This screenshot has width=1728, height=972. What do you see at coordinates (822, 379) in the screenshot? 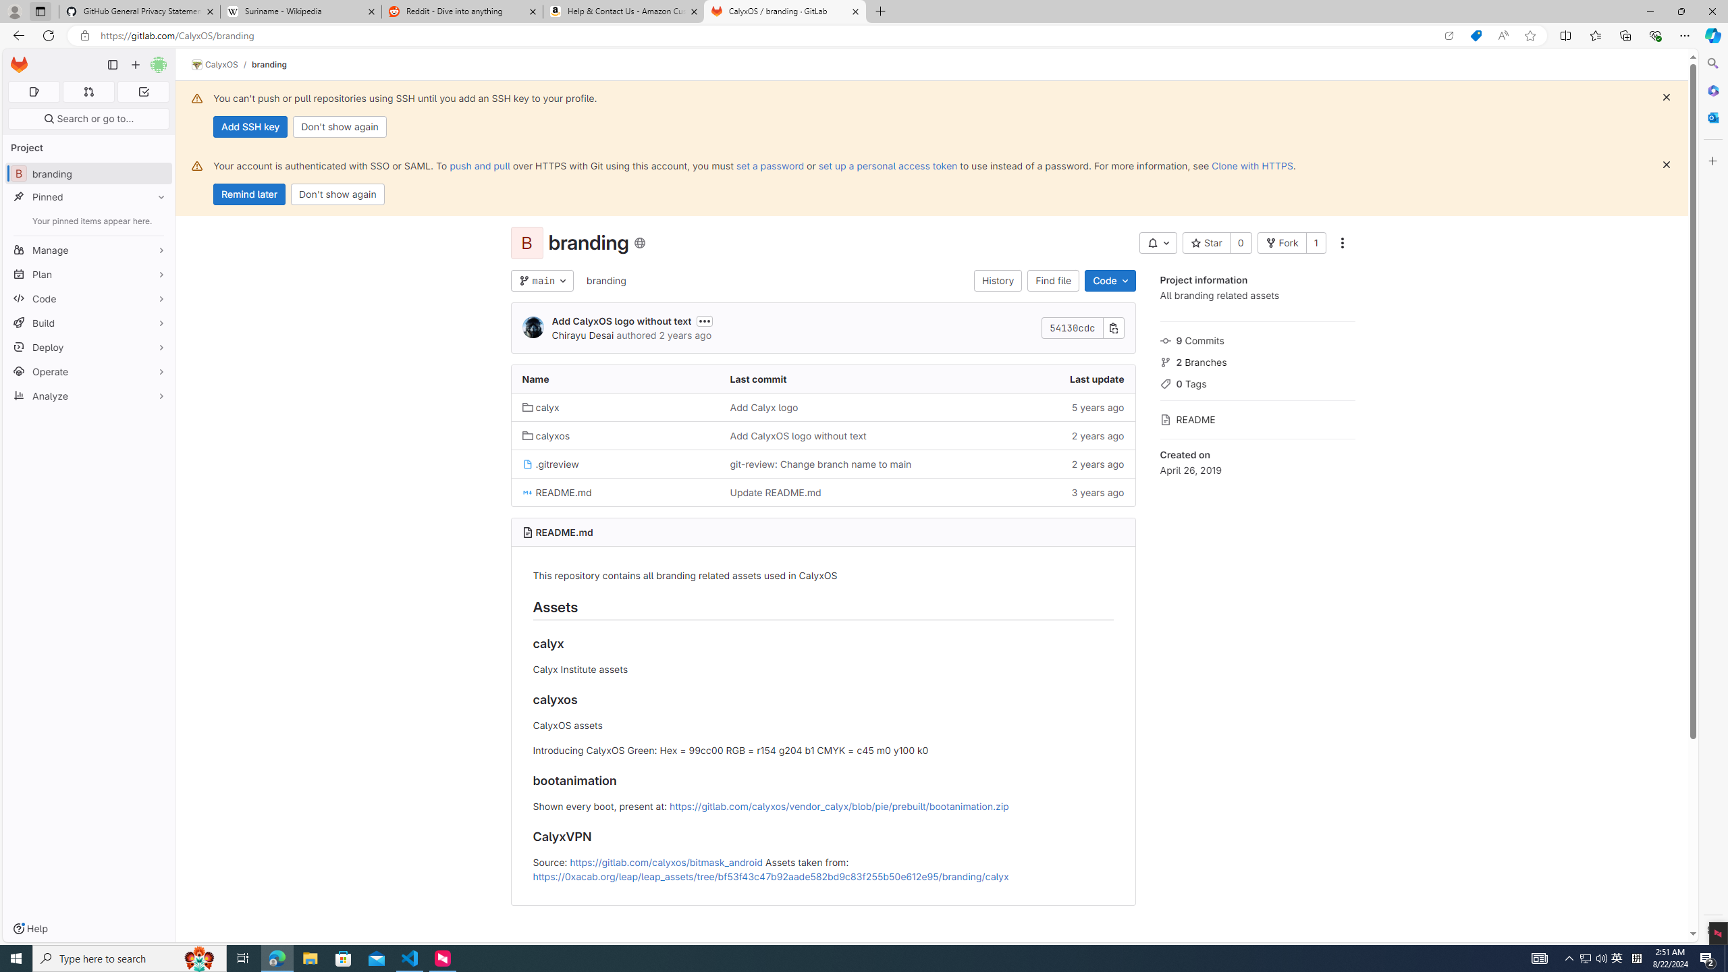
I see `'Last commit'` at bounding box center [822, 379].